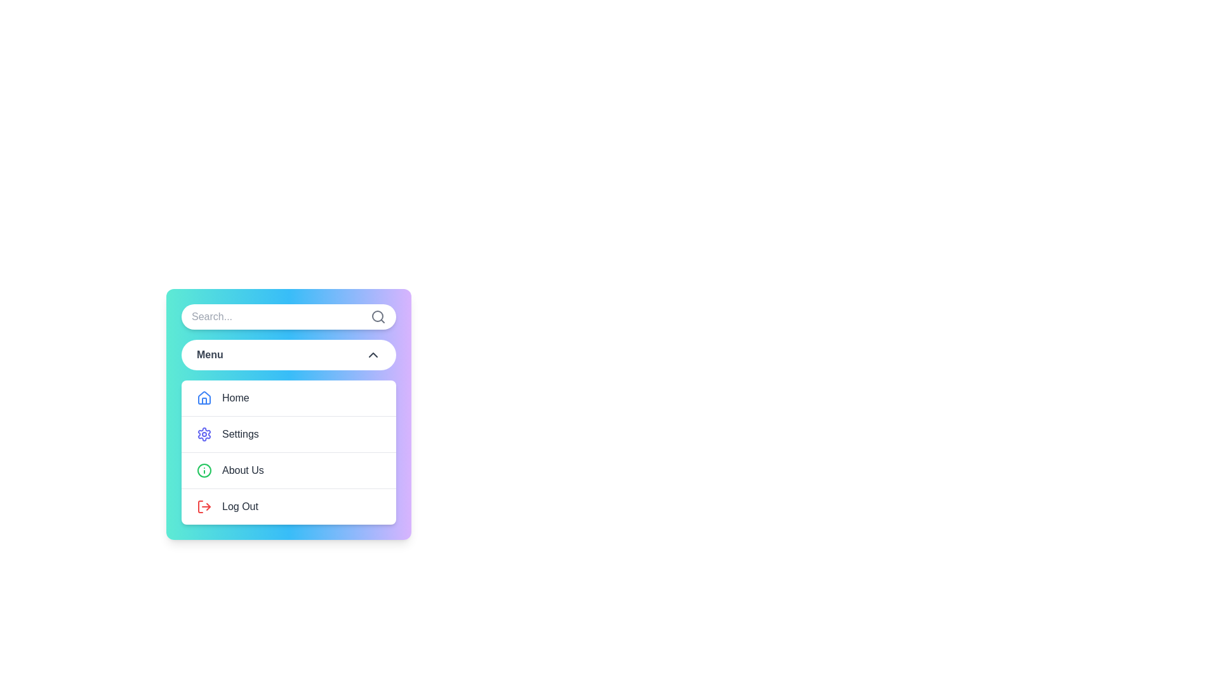 The width and height of the screenshot is (1219, 686). What do you see at coordinates (204, 396) in the screenshot?
I see `the 'Home' menu icon, which is the upper part of a house icon located to the left of the 'Home' menu item in a vertical list of menu options` at bounding box center [204, 396].